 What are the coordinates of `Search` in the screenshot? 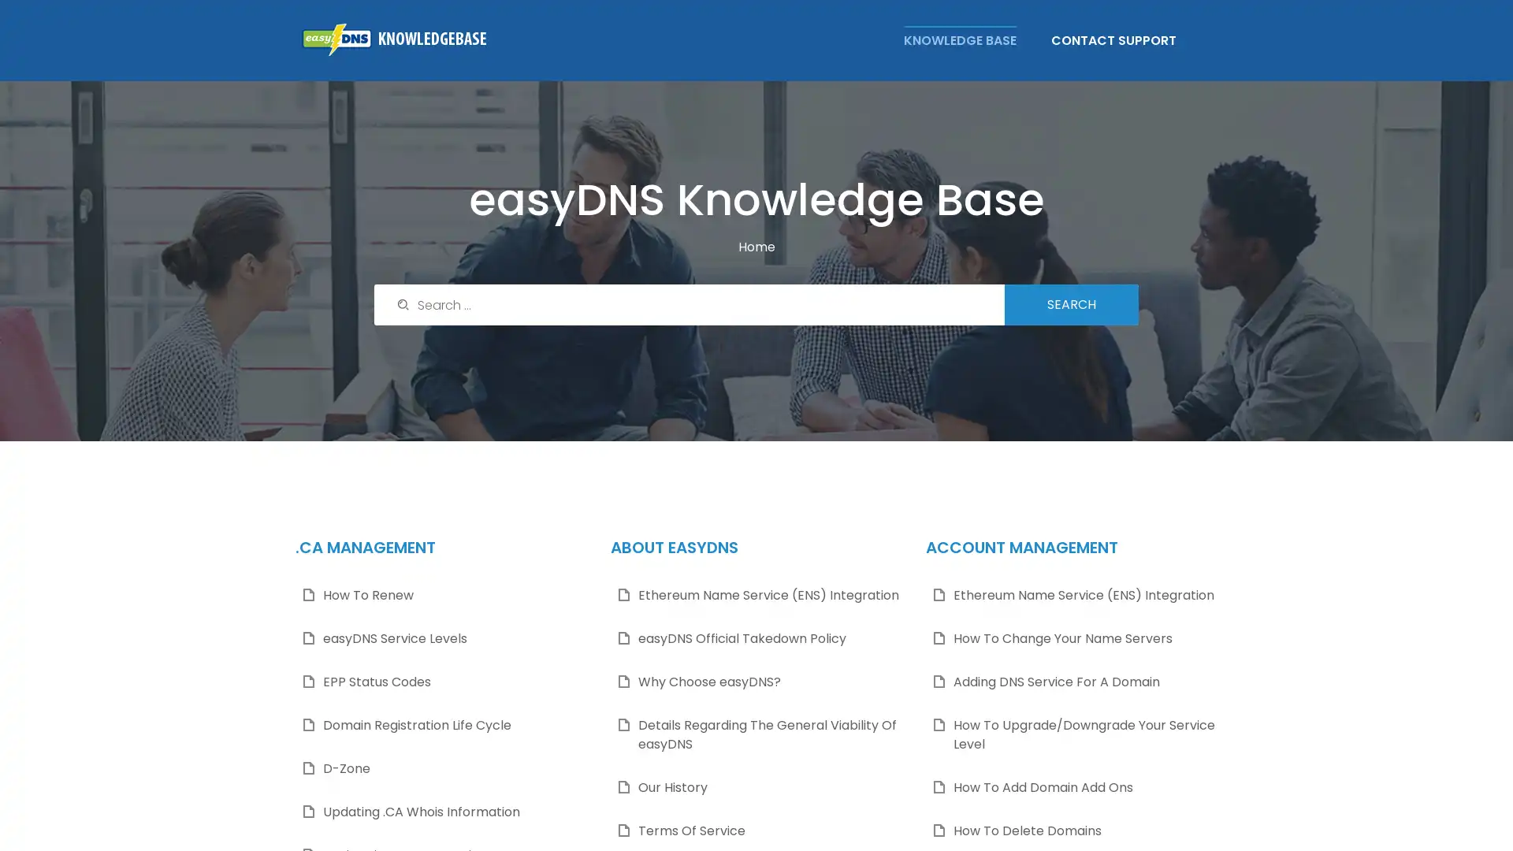 It's located at (1071, 304).